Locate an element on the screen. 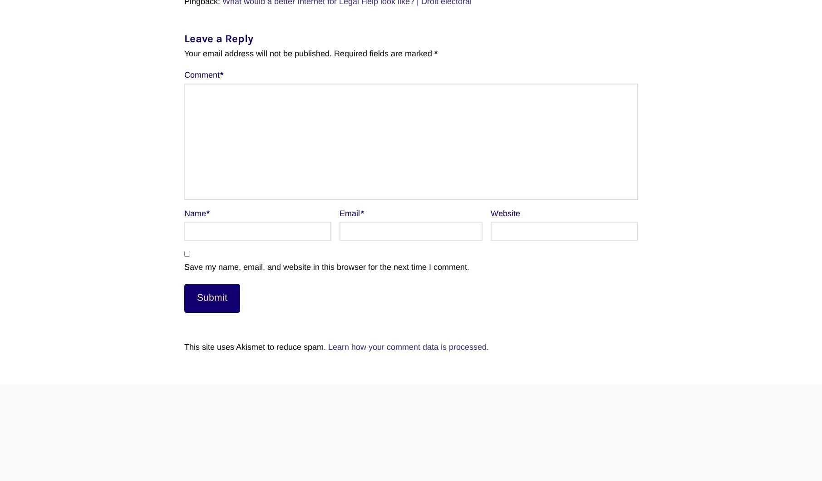 The height and width of the screenshot is (481, 822). 'Your email address will not be published.' is located at coordinates (257, 53).